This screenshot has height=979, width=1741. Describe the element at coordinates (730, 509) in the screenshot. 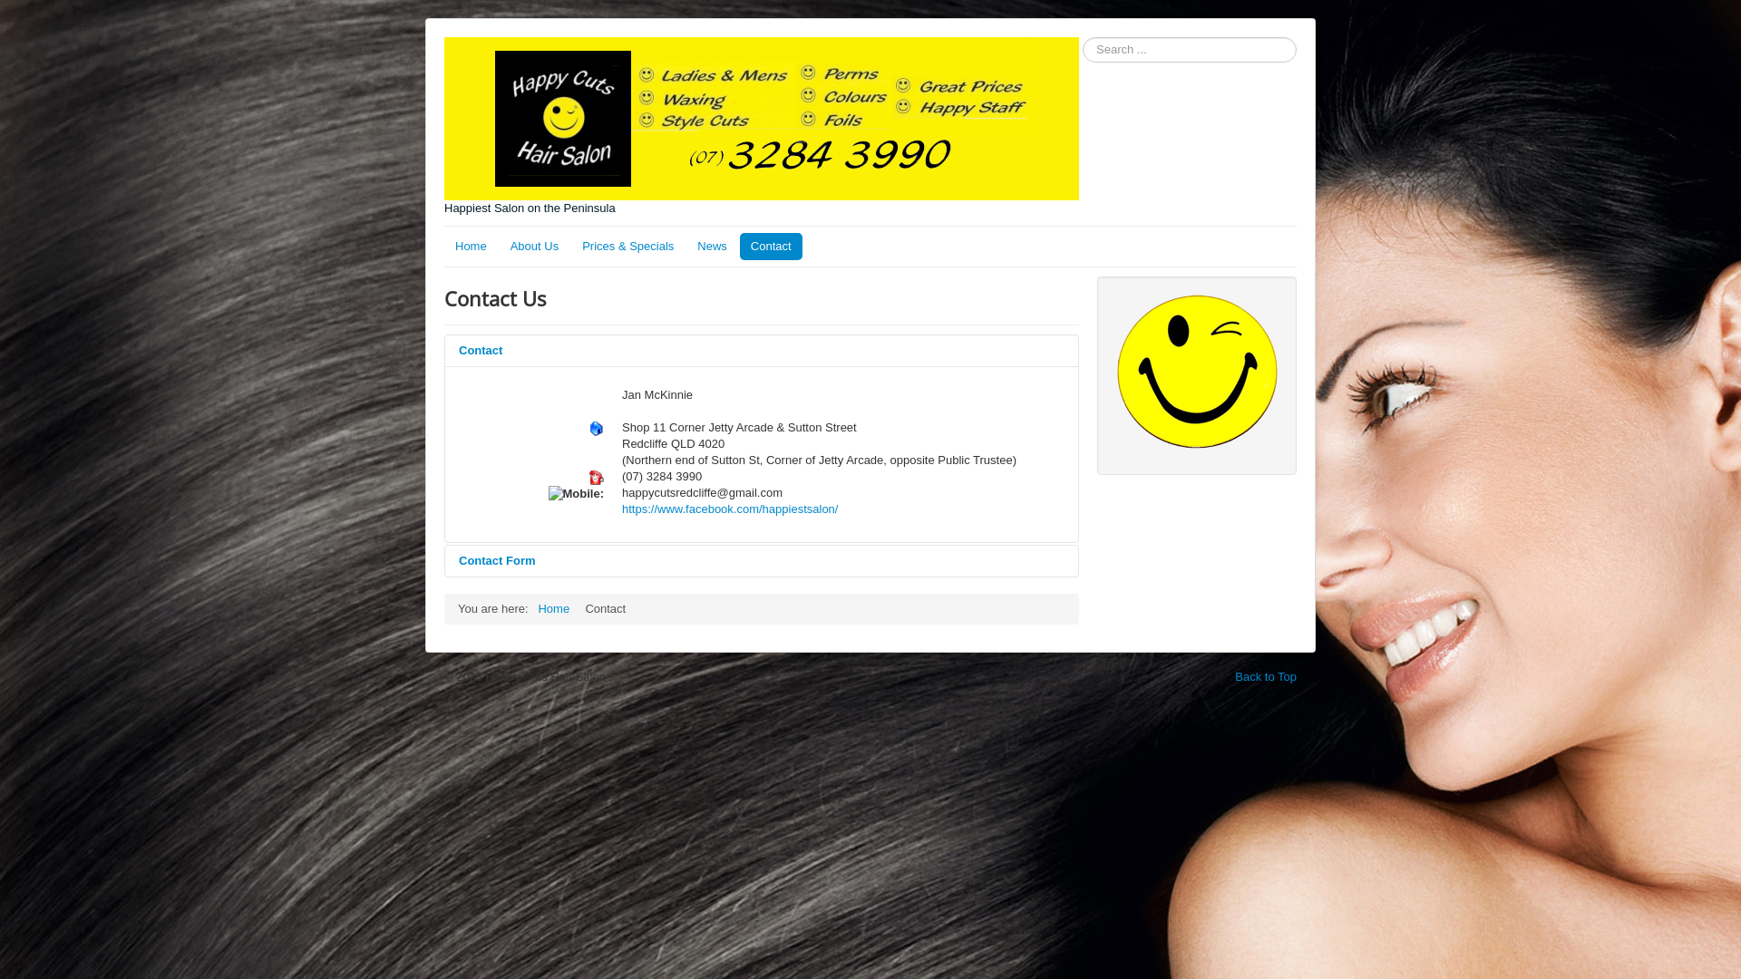

I see `'https://www.facebook.com/happiestsalon/'` at that location.